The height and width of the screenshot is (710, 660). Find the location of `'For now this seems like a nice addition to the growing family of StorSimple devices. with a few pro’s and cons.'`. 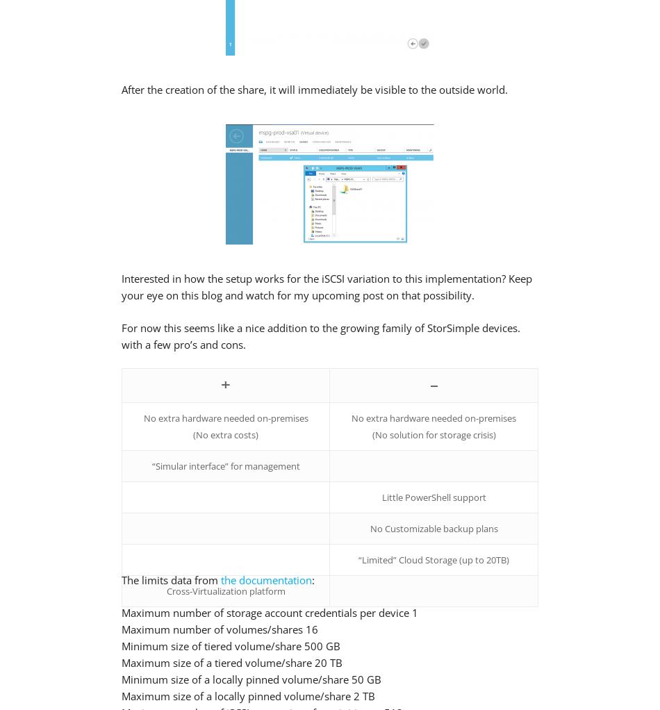

'For now this seems like a nice addition to the growing family of StorSimple devices. with a few pro’s and cons.' is located at coordinates (320, 335).